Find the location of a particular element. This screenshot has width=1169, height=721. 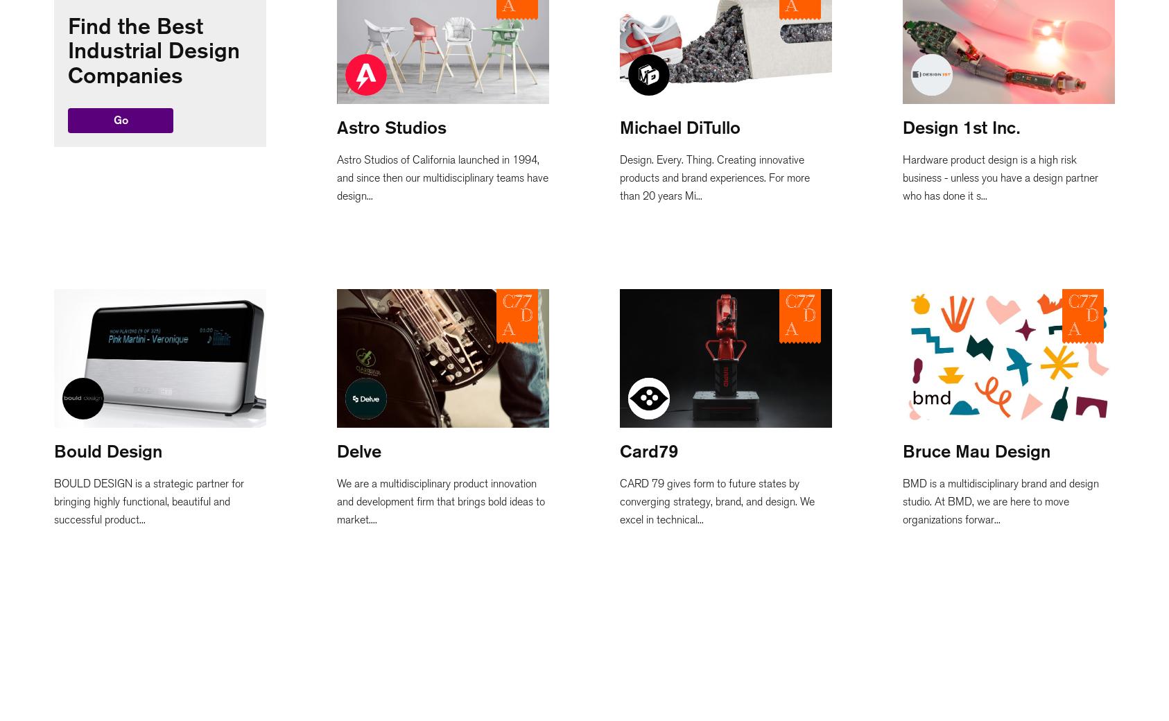

'Michael DiTullo' is located at coordinates (679, 127).